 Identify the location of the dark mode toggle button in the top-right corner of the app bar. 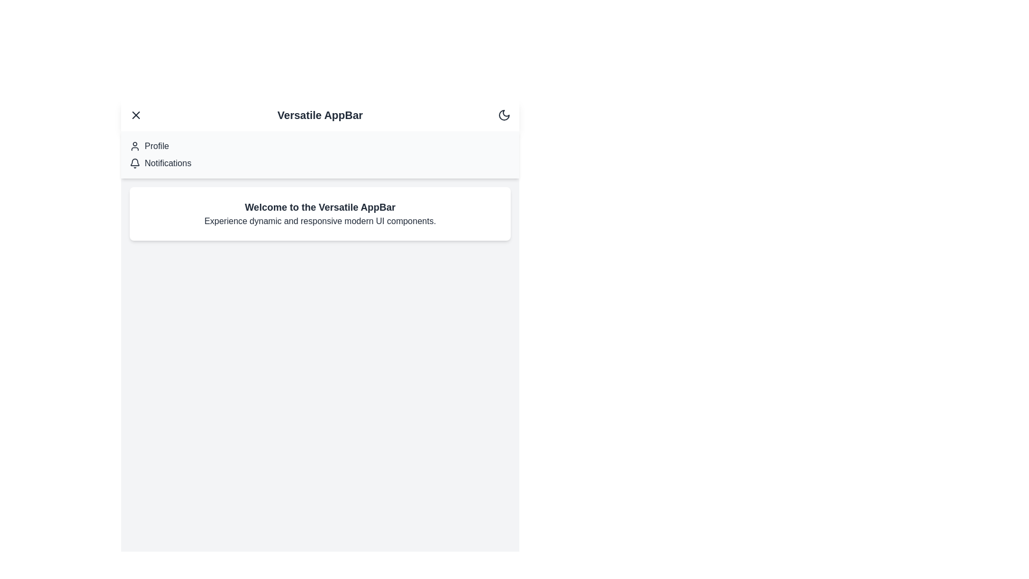
(503, 115).